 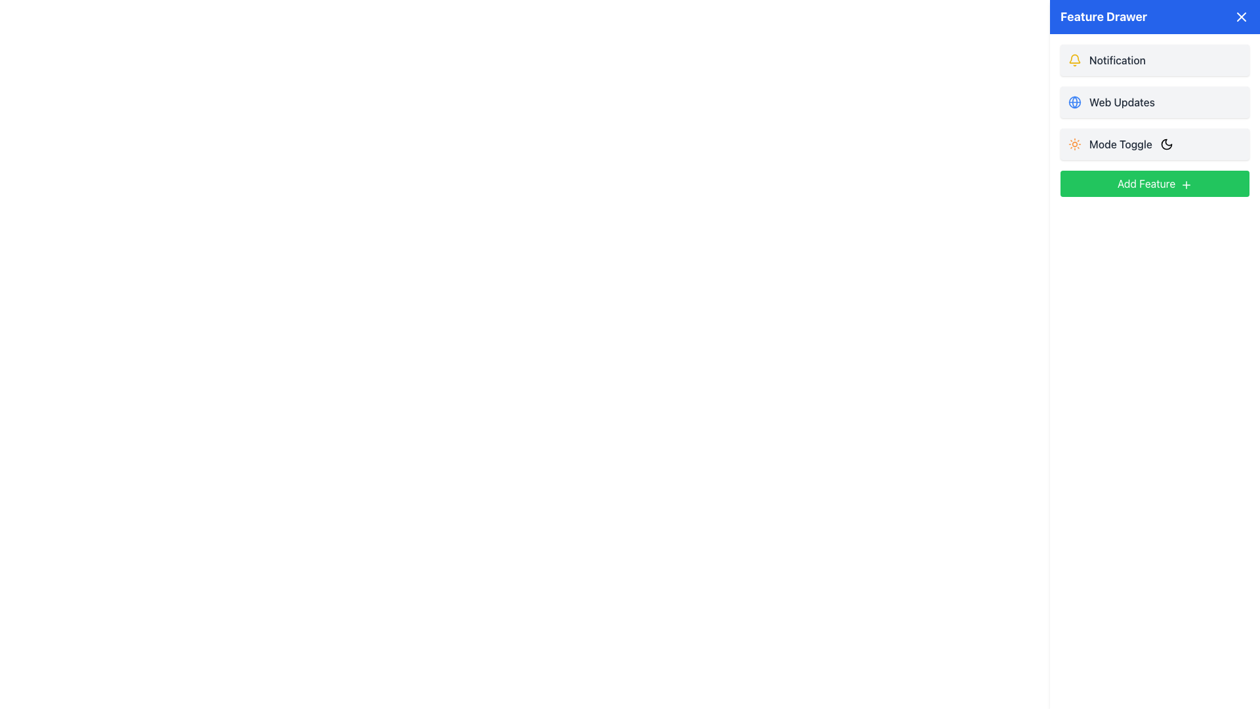 What do you see at coordinates (1155, 101) in the screenshot?
I see `the 'Web Updates' interactive panel item, which is the second item in the vertically stacked list within the side panel` at bounding box center [1155, 101].